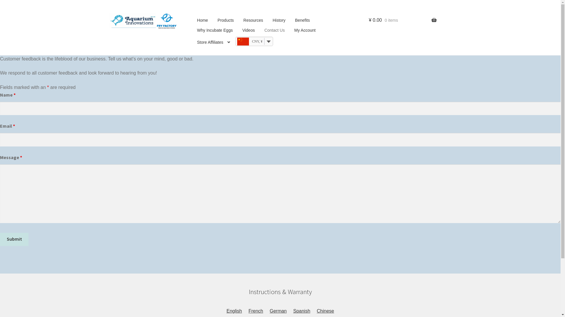 Image resolution: width=565 pixels, height=317 pixels. Describe the element at coordinates (278, 21) in the screenshot. I see `'History'` at that location.